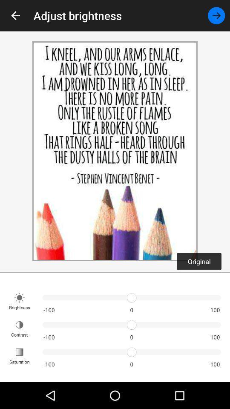  I want to click on the item next to adjust brightness item, so click(15, 15).